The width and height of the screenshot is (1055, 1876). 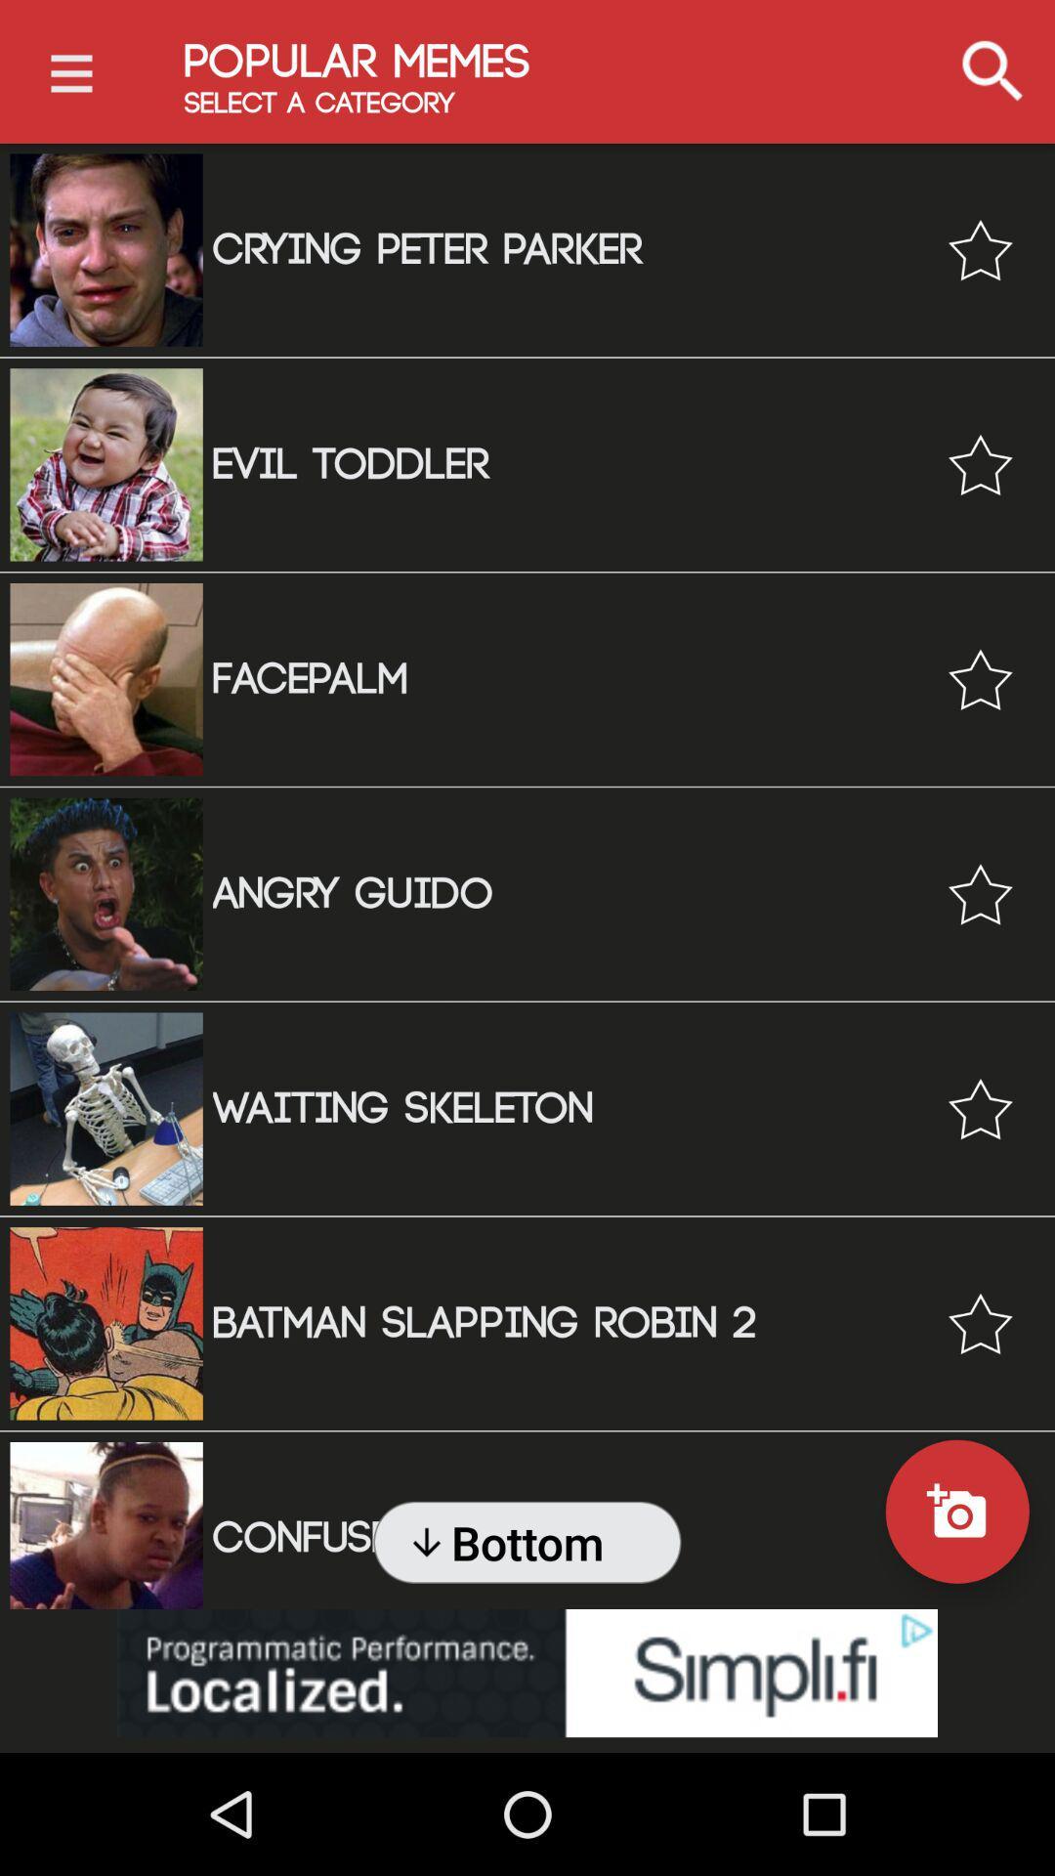 I want to click on the photo icon, so click(x=956, y=1511).